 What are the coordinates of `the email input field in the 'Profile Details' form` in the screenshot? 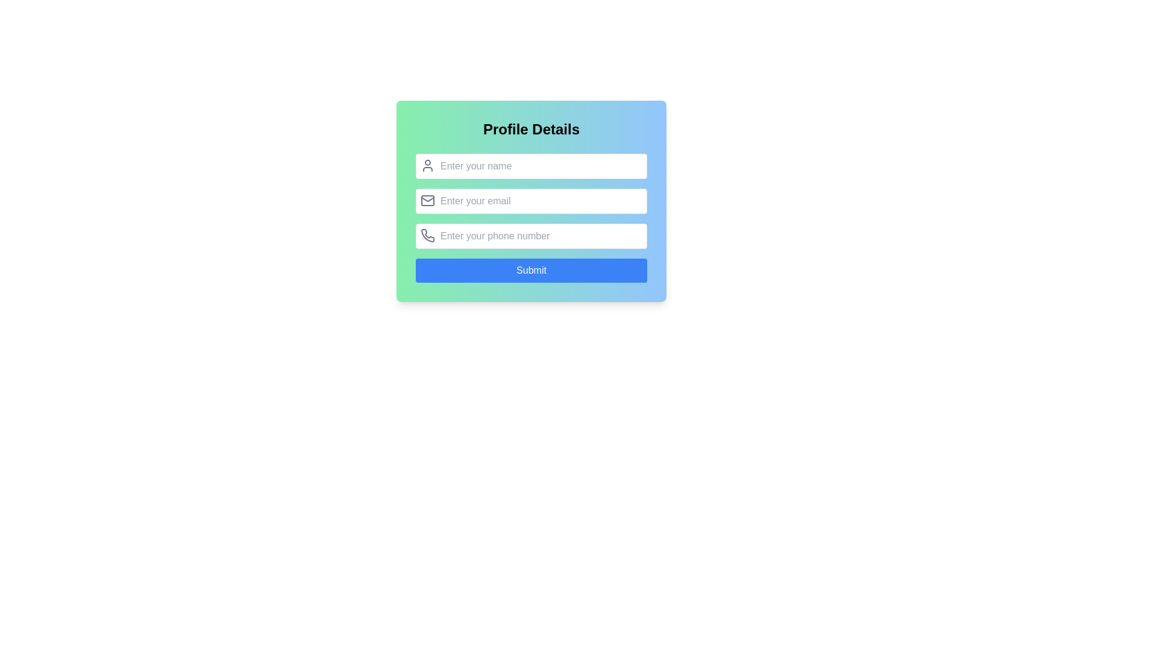 It's located at (531, 201).